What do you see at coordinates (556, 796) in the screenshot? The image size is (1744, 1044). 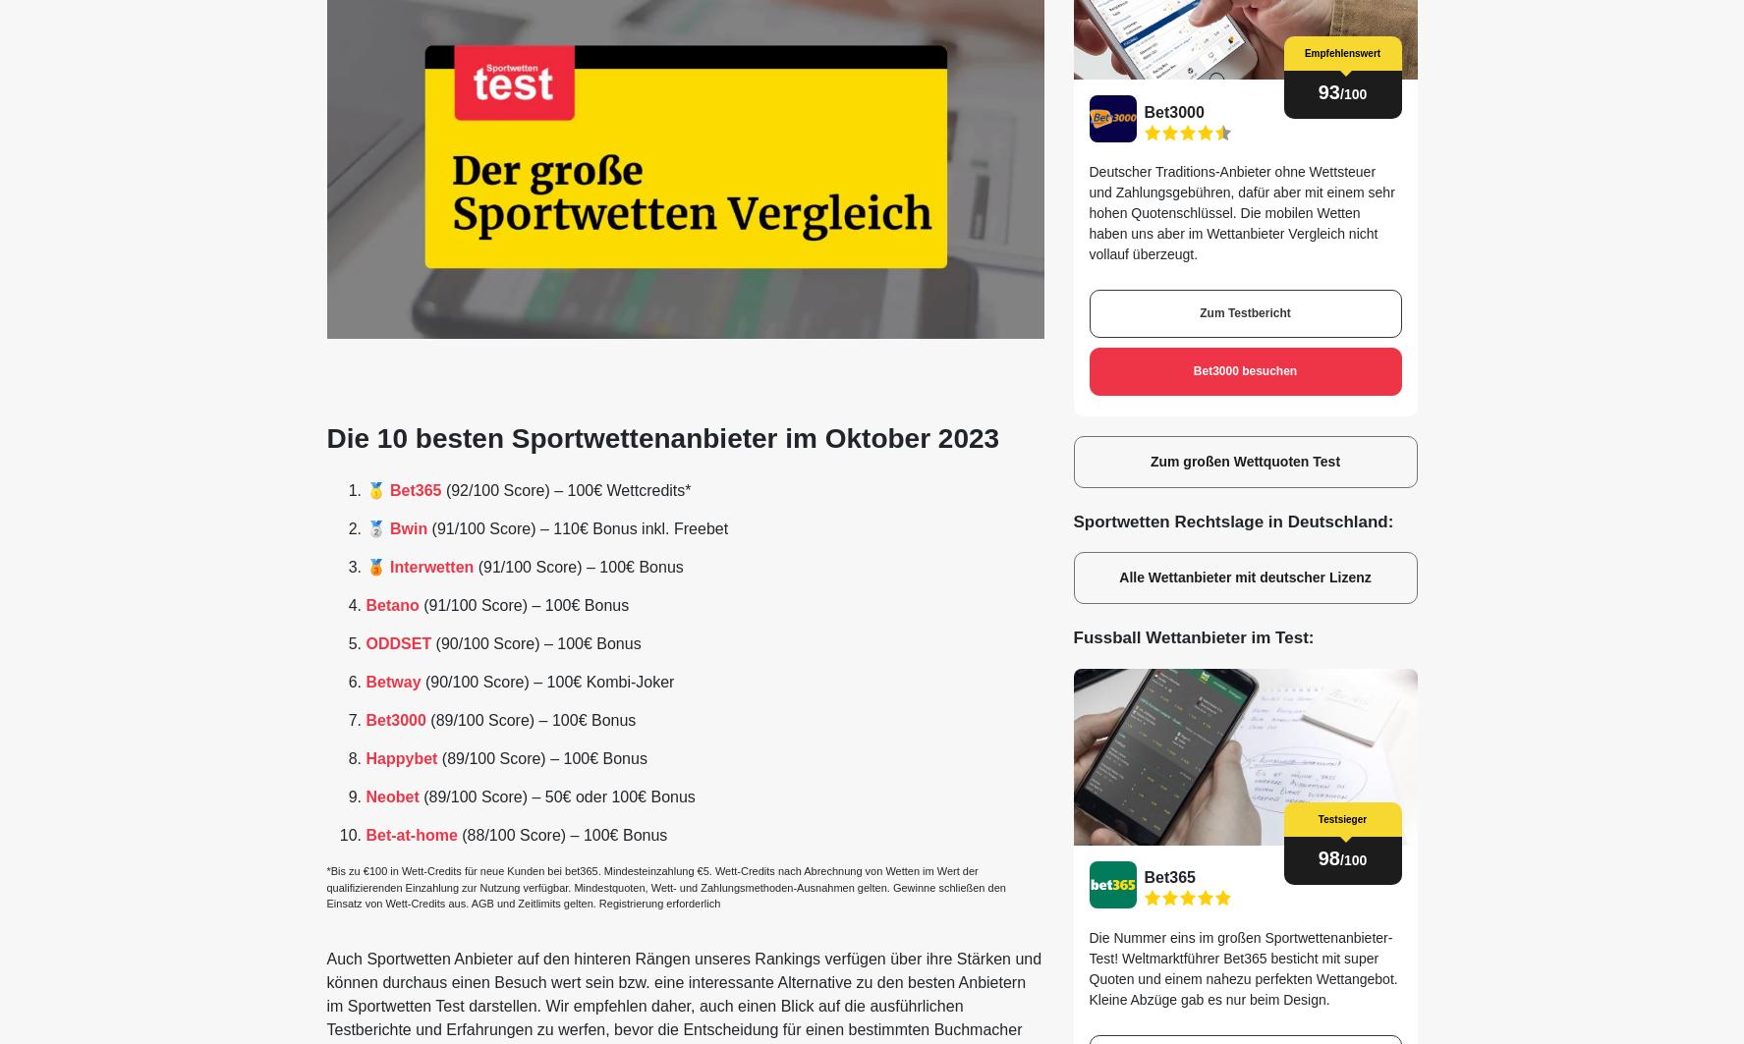 I see `'(89/100 Score) – 50€ oder 100€ Bonus'` at bounding box center [556, 796].